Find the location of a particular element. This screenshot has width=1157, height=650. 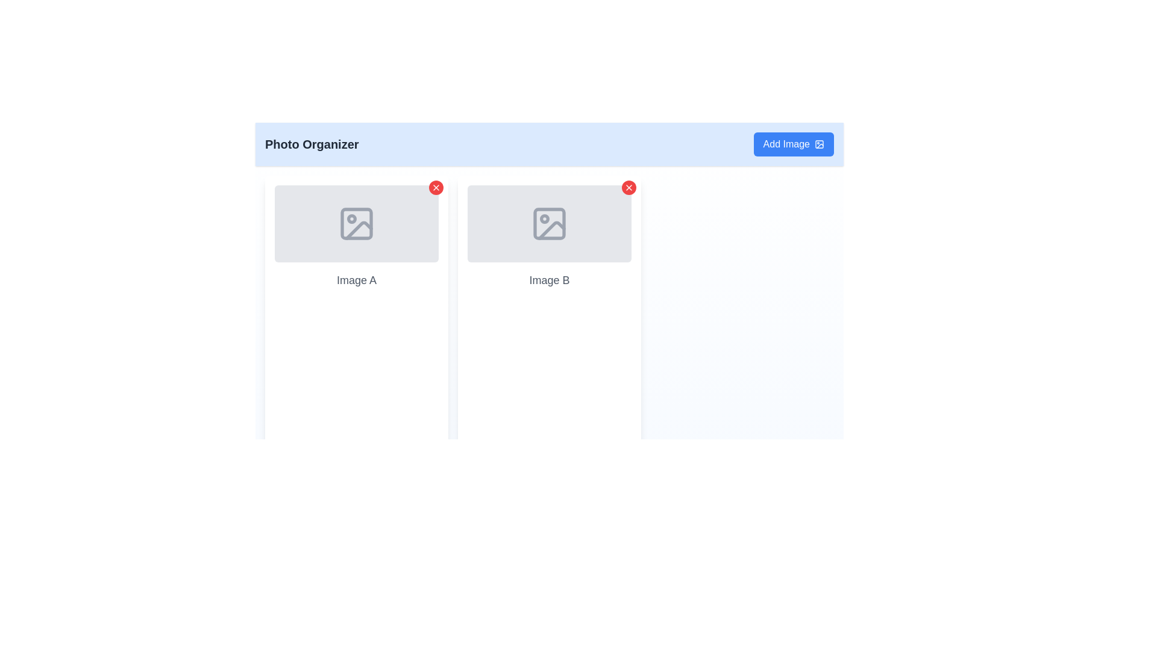

the small red circular button with a white 'X' icon located at the top-right corner of the card labeled 'Image B' to observe a color change is located at coordinates (628, 188).